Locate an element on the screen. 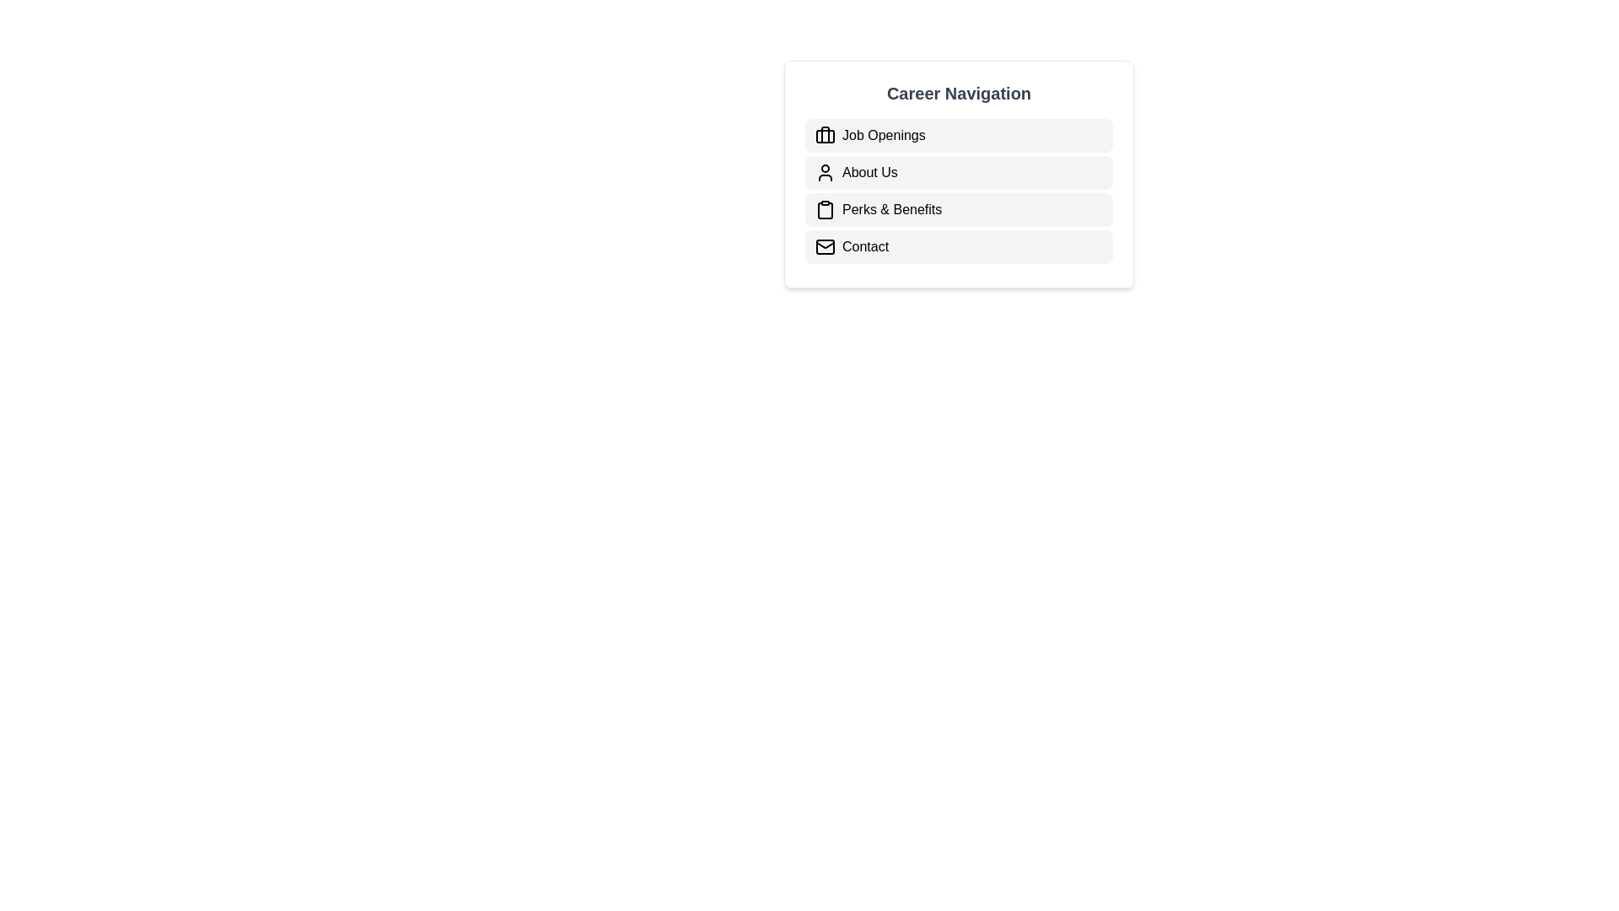 The image size is (1619, 911). the user profile icon, which is a simple line-art design representing a person's head and shoulders, located to the left of the 'About Us' text in the 'Career Navigation' menu is located at coordinates (826, 172).